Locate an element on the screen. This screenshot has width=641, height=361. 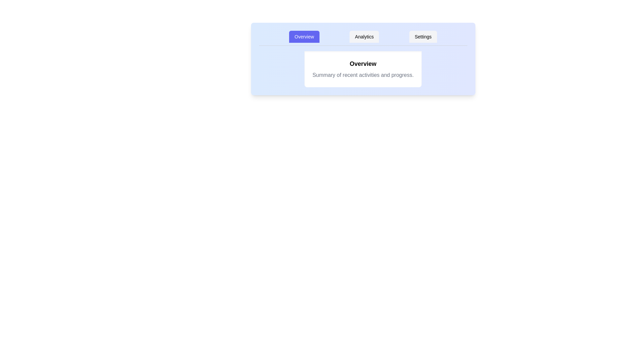
the Analytics tab by clicking on its button is located at coordinates (364, 37).